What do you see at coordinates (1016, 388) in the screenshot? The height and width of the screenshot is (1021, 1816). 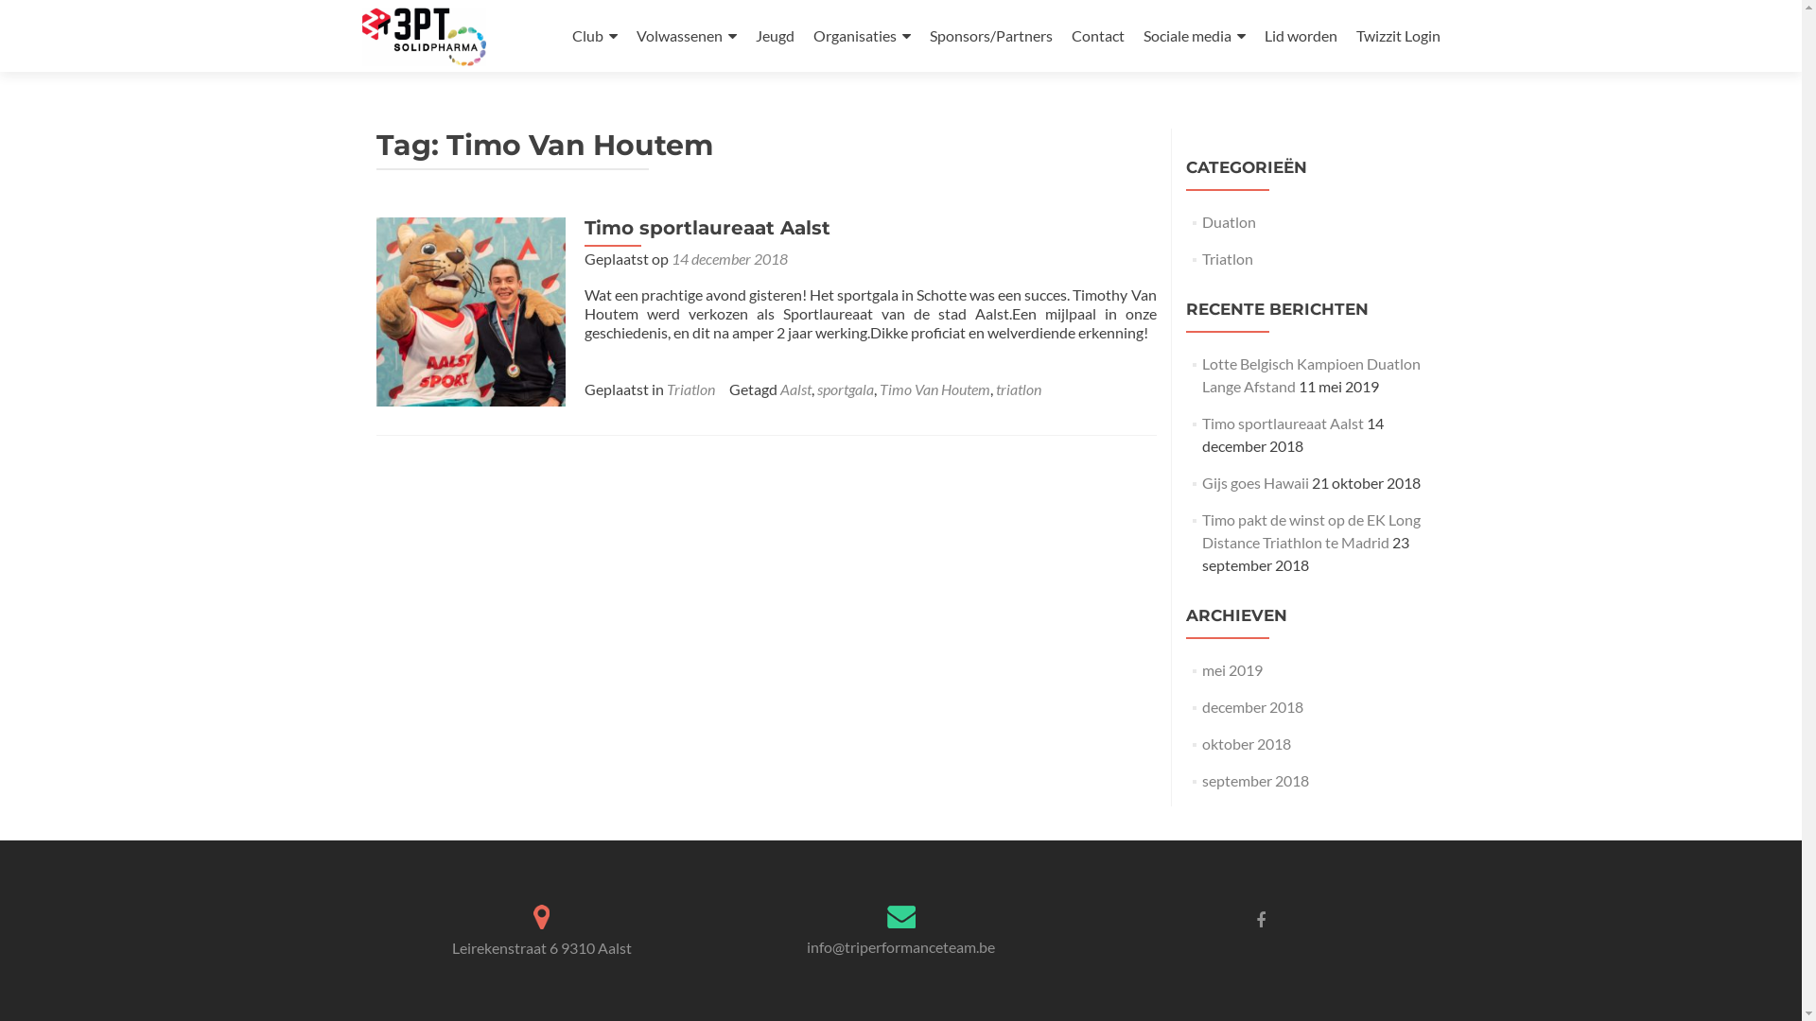 I see `'triatlon'` at bounding box center [1016, 388].